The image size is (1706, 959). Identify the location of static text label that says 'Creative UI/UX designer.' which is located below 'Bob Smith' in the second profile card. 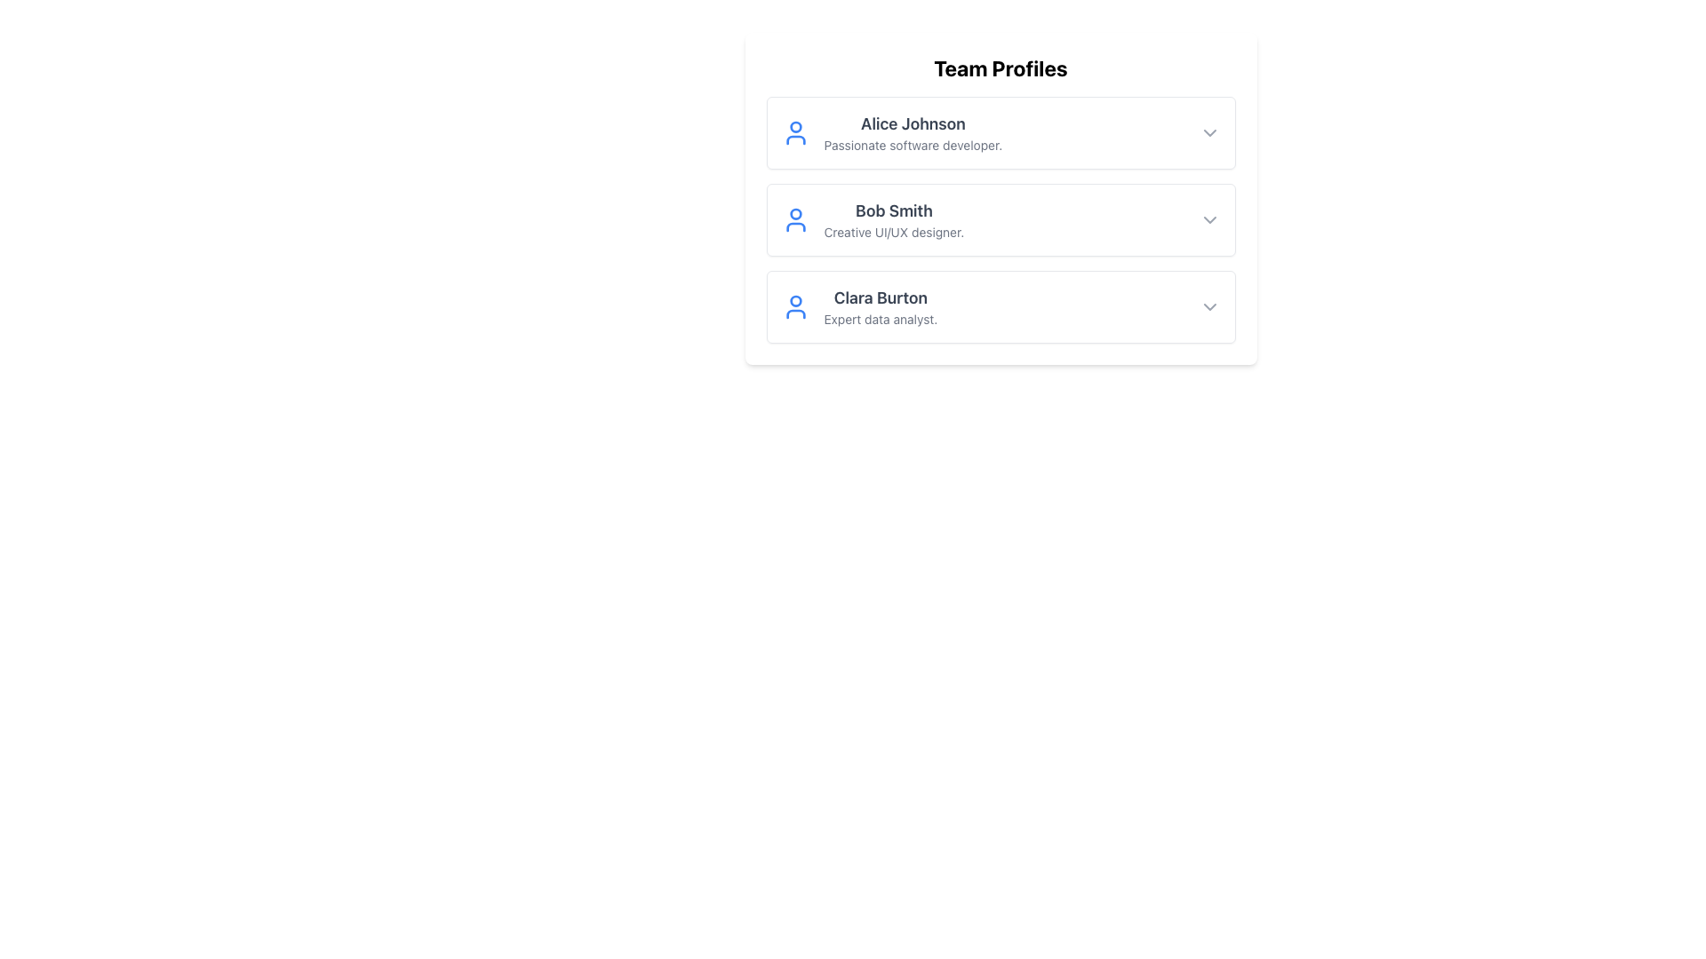
(894, 232).